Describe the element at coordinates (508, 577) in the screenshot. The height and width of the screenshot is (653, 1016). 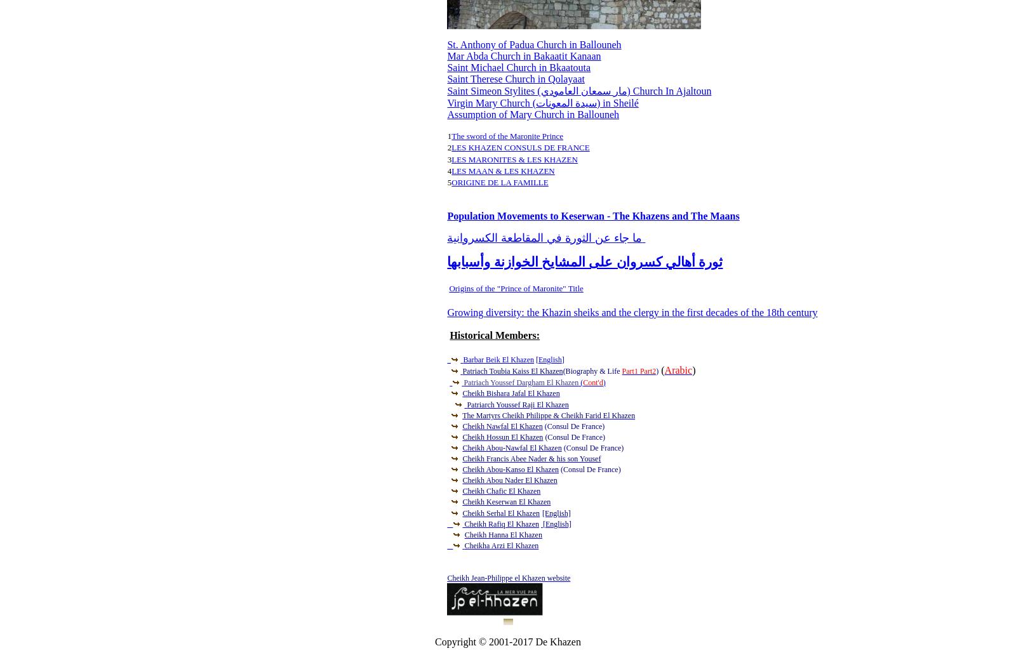
I see `'Cheikh Jean-Philippe el Khazen website'` at that location.